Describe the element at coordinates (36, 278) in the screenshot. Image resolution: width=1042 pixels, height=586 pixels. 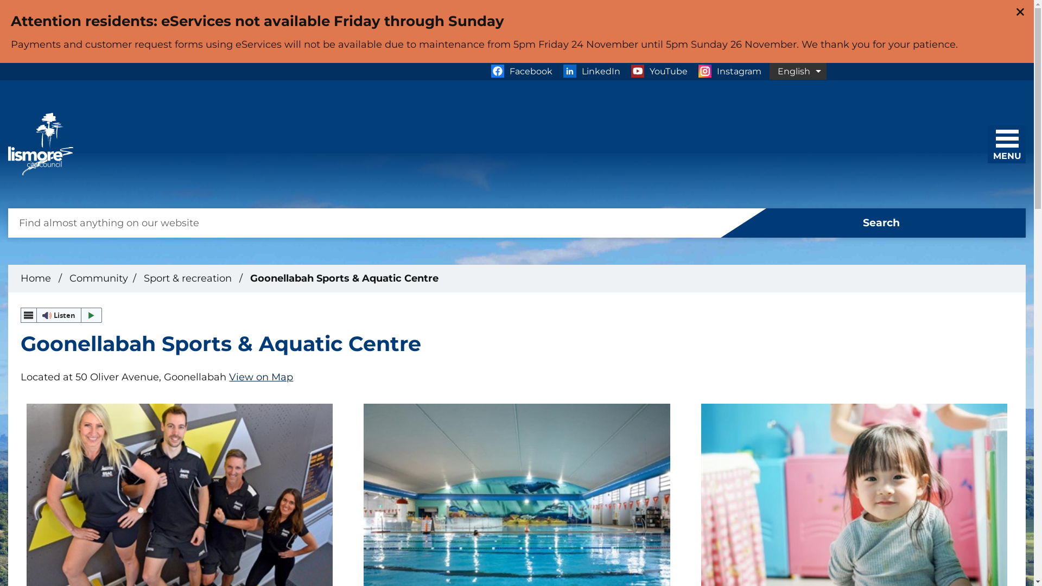
I see `'Home'` at that location.